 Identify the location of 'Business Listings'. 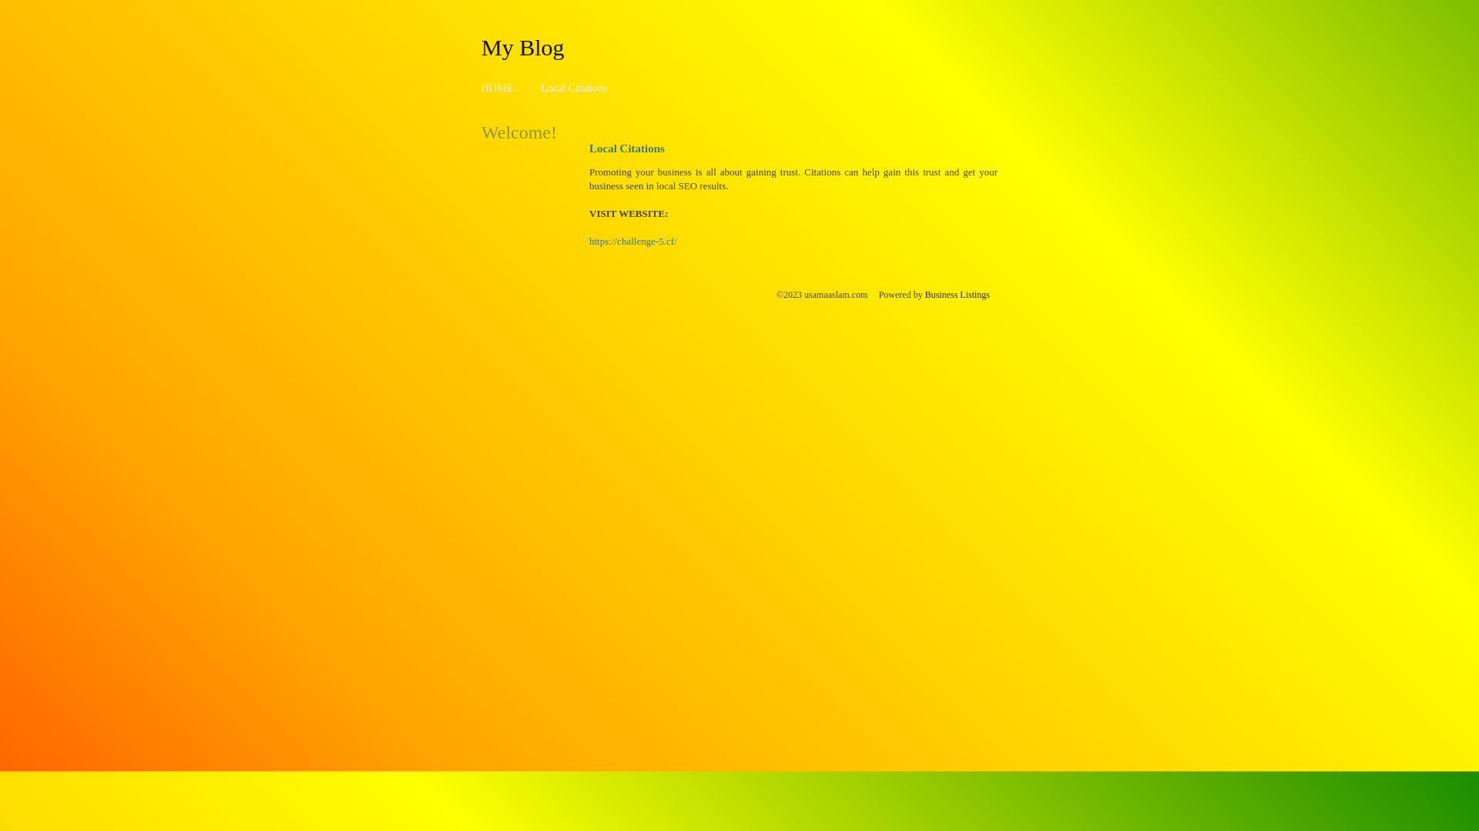
(924, 294).